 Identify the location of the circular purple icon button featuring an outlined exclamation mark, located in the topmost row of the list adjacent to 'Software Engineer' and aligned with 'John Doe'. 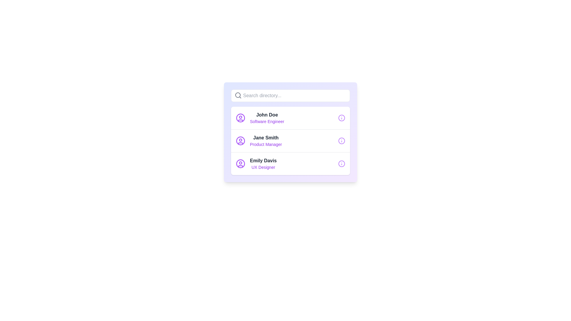
(341, 118).